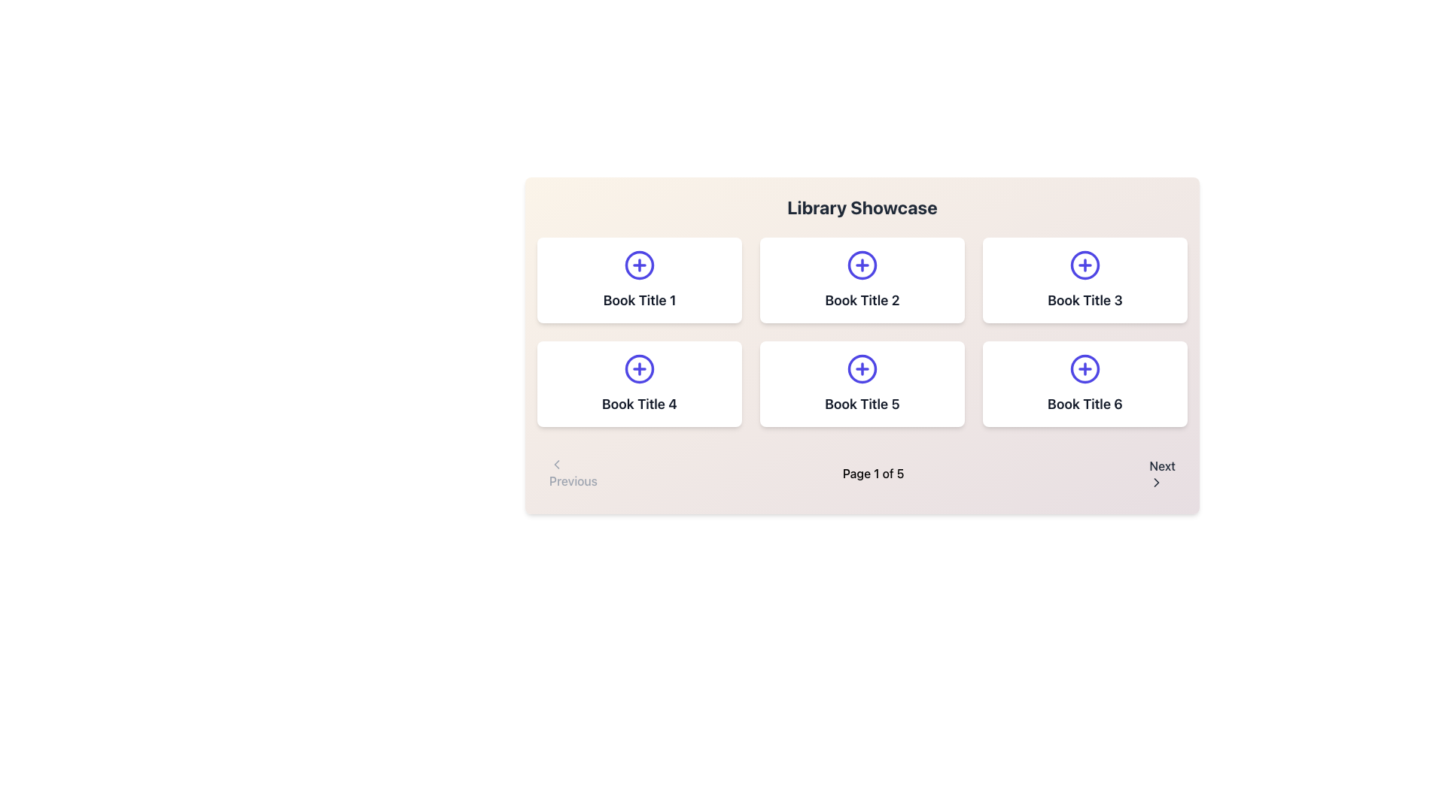 This screenshot has height=812, width=1445. I want to click on text content displayed in the pagination control bar, which shows the current page number and total pages, located centrally below the grid of book titles, so click(862, 472).